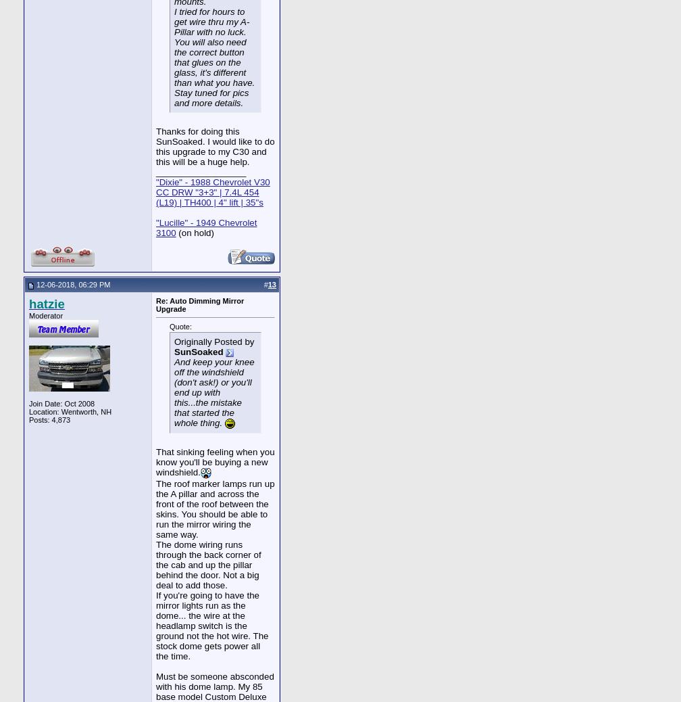 This screenshot has width=681, height=702. Describe the element at coordinates (156, 461) in the screenshot. I see `'That sinking feeling when you know you'll be buying a new windshield.'` at that location.